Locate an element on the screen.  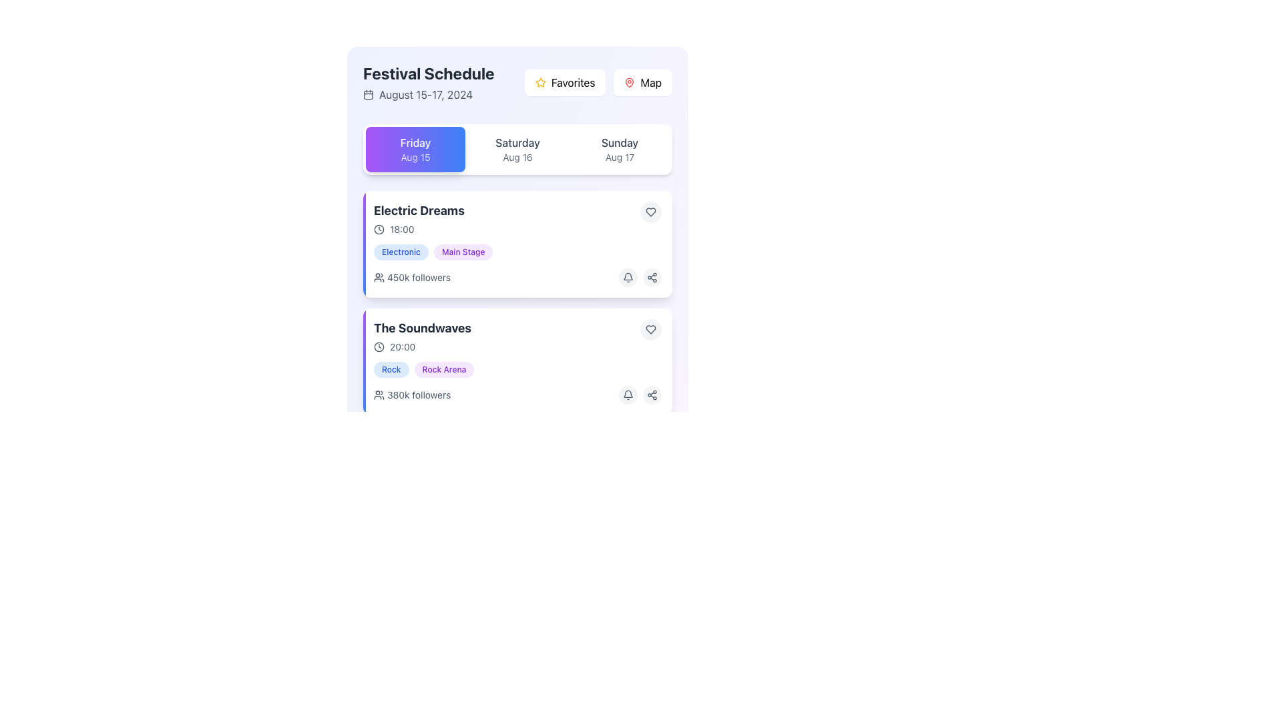
the share button located in the bottom-right corner of the event details card is located at coordinates (652, 511).